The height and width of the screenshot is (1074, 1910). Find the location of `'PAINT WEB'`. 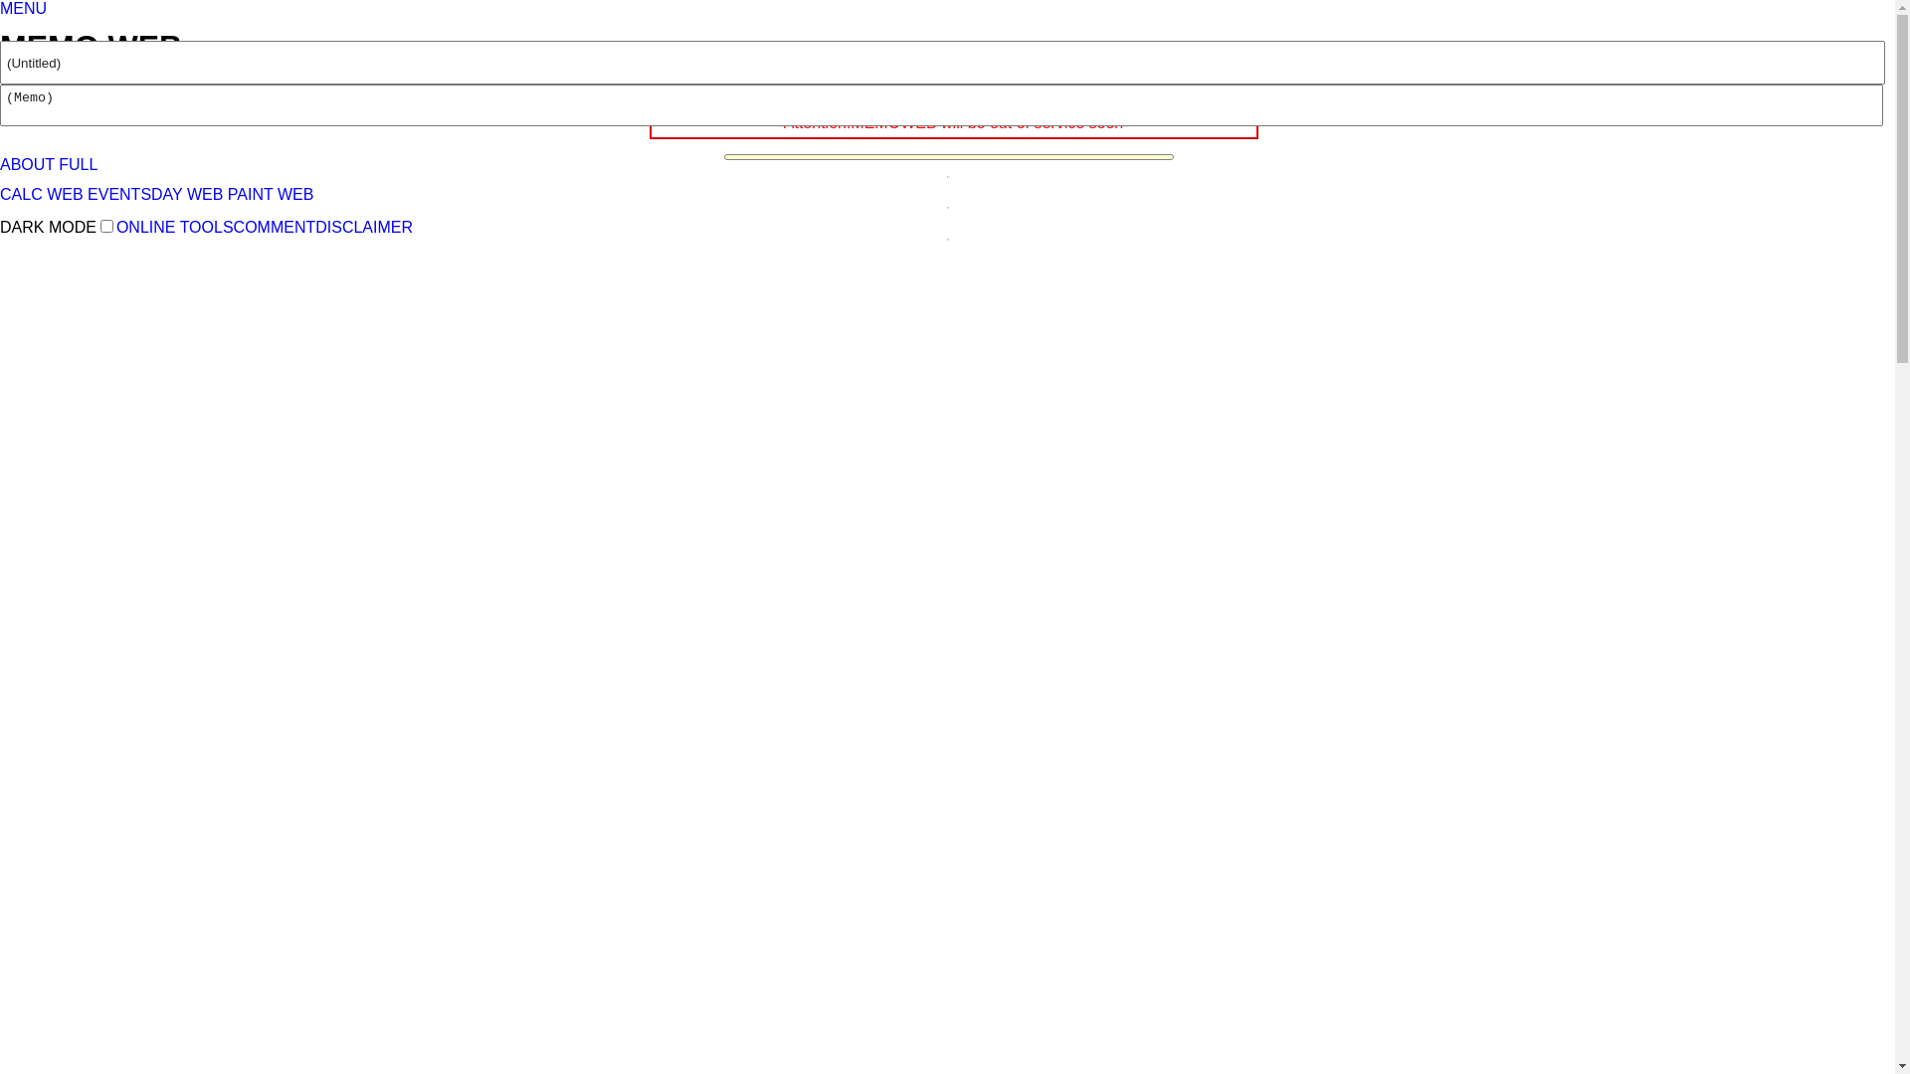

'PAINT WEB' is located at coordinates (270, 194).